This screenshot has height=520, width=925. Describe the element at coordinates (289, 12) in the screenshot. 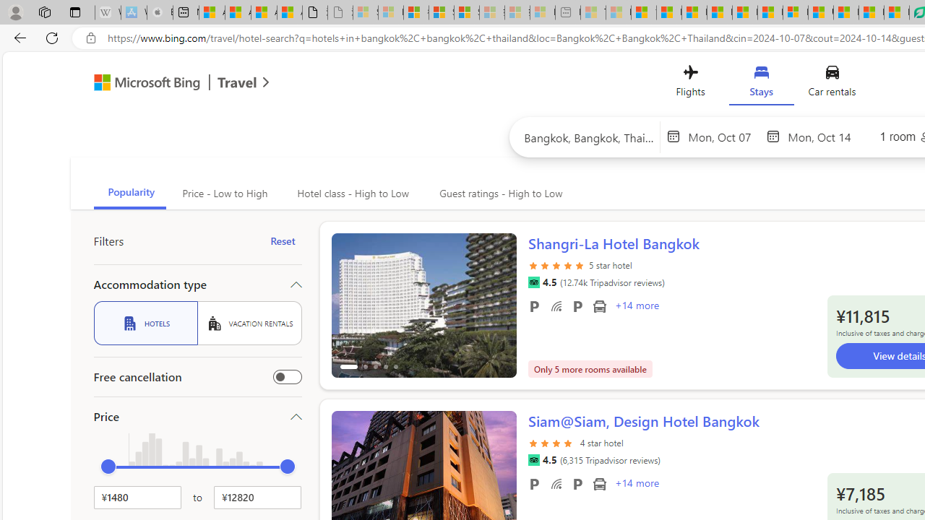

I see `'Aberdeen, Hong Kong SAR severe weather | Microsoft Weather'` at that location.